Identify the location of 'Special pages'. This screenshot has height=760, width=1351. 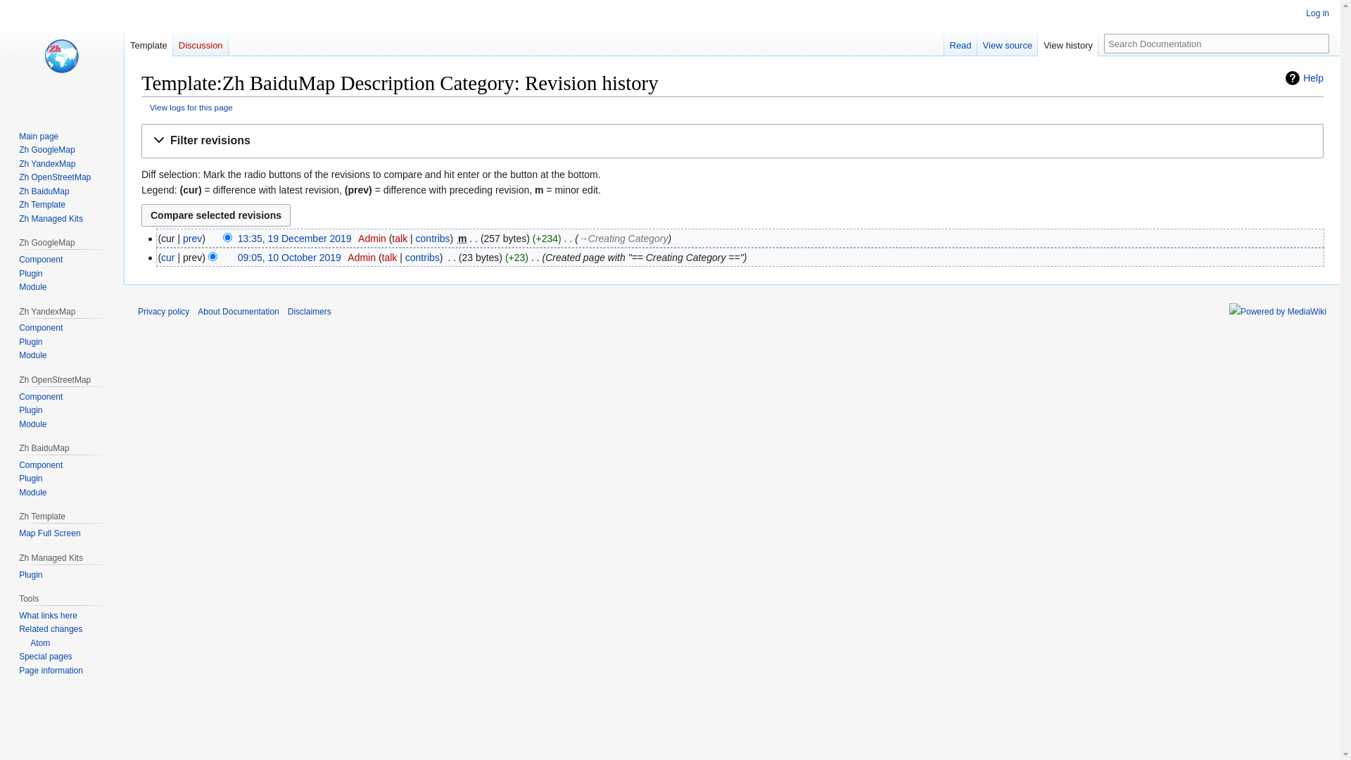
(45, 657).